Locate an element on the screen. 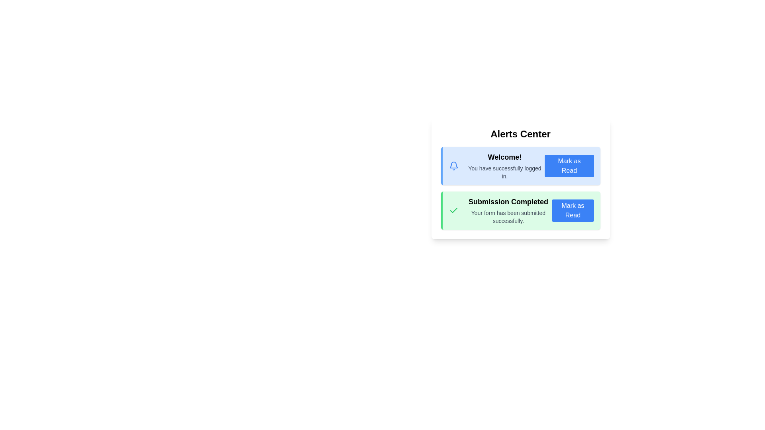 The width and height of the screenshot is (765, 430). the text display element that confirms successful form submission, located under the 'Submission Completed' heading in the Alerts Center interface is located at coordinates (508, 217).